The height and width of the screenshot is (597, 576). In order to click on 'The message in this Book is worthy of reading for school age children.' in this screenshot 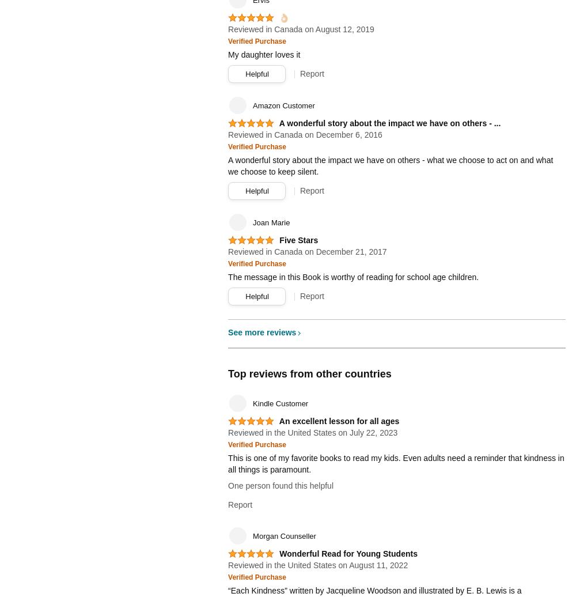, I will do `click(353, 277)`.